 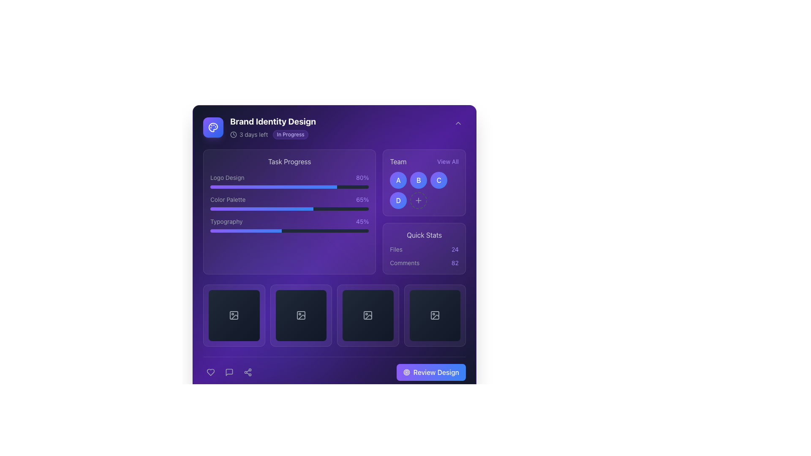 What do you see at coordinates (435, 315) in the screenshot?
I see `the Icon button located at the bottom-right corner of the grid of four similar cards to change its color` at bounding box center [435, 315].